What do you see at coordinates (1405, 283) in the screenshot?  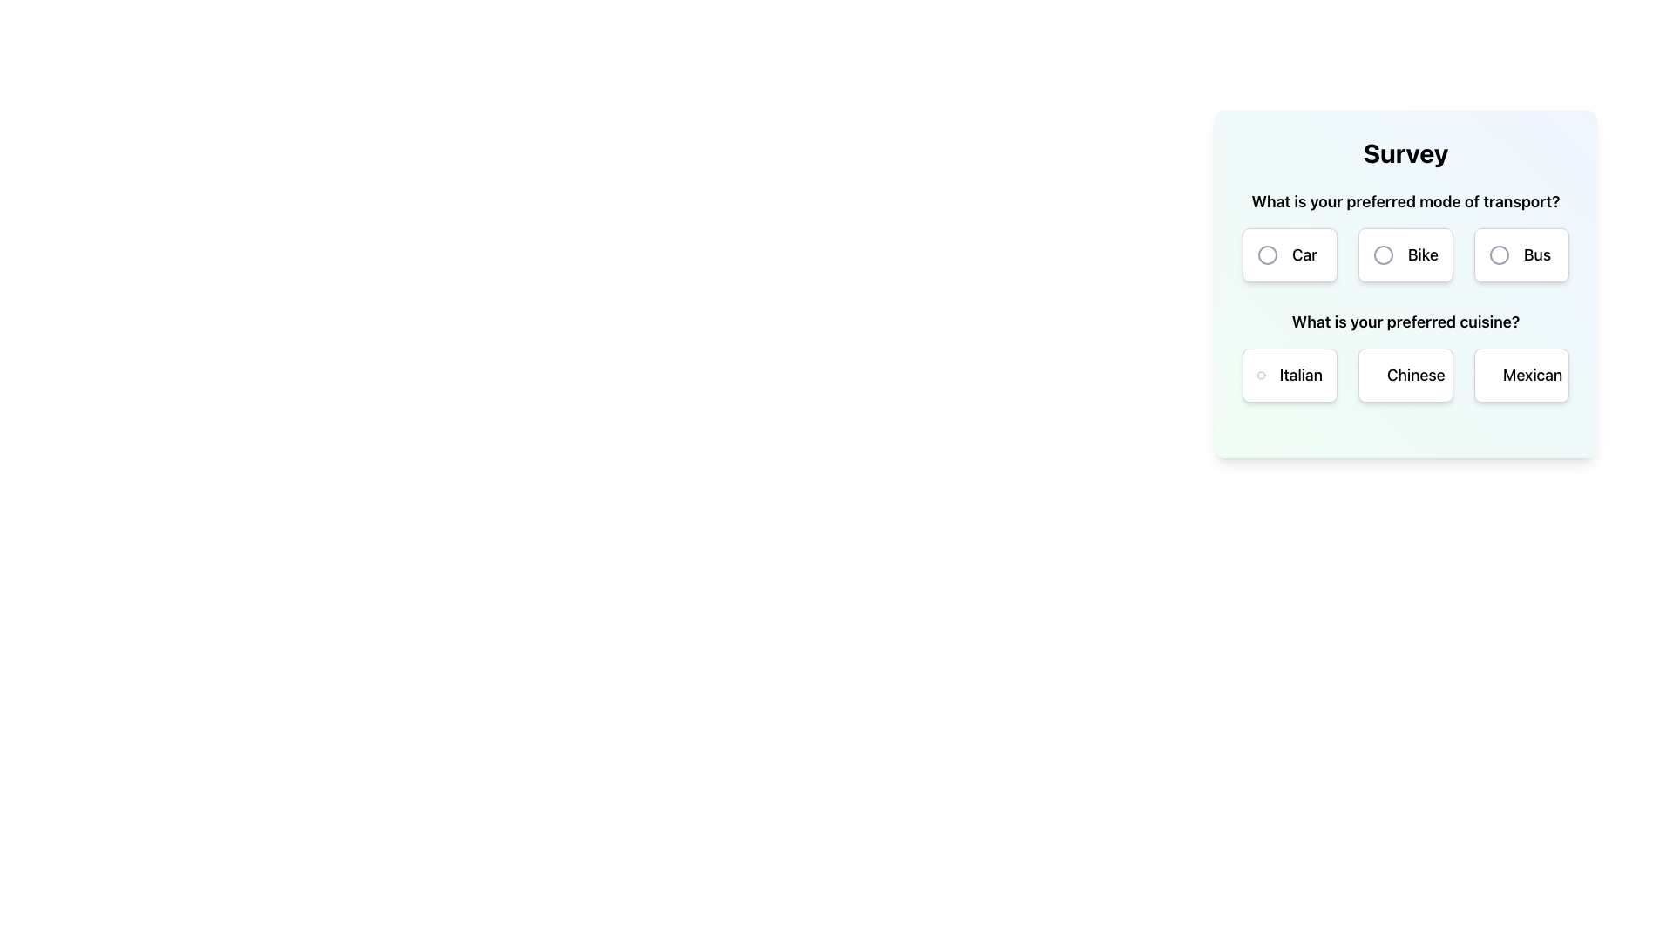 I see `the options within the survey panel that features a gradient background transitioning from green to blue, containing questions about preferred transport and cuisine` at bounding box center [1405, 283].